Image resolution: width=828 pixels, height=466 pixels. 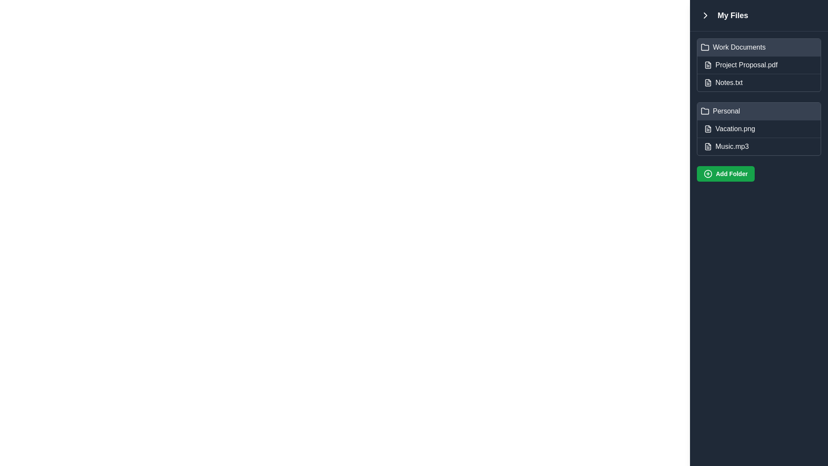 What do you see at coordinates (708, 83) in the screenshot?
I see `the small text file icon, styled as an outlined document with horizontal lines, located` at bounding box center [708, 83].